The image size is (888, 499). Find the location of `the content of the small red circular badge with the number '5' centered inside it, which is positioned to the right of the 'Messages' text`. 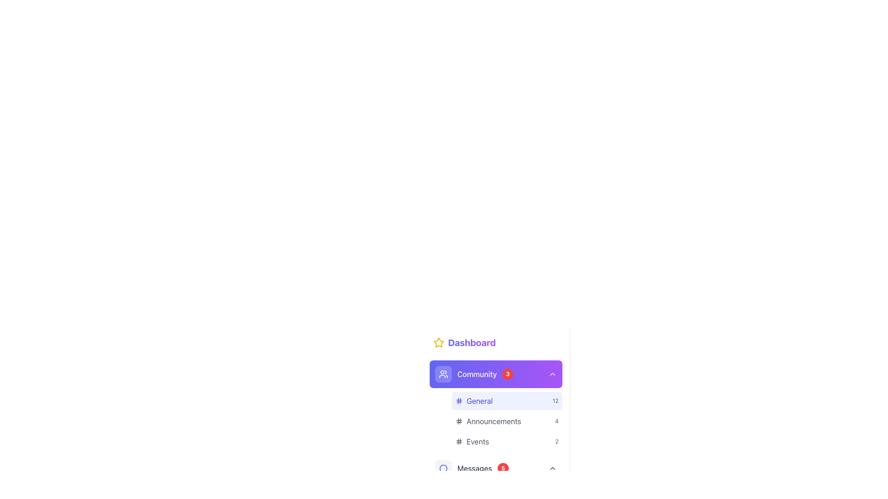

the content of the small red circular badge with the number '5' centered inside it, which is positioned to the right of the 'Messages' text is located at coordinates (502, 469).